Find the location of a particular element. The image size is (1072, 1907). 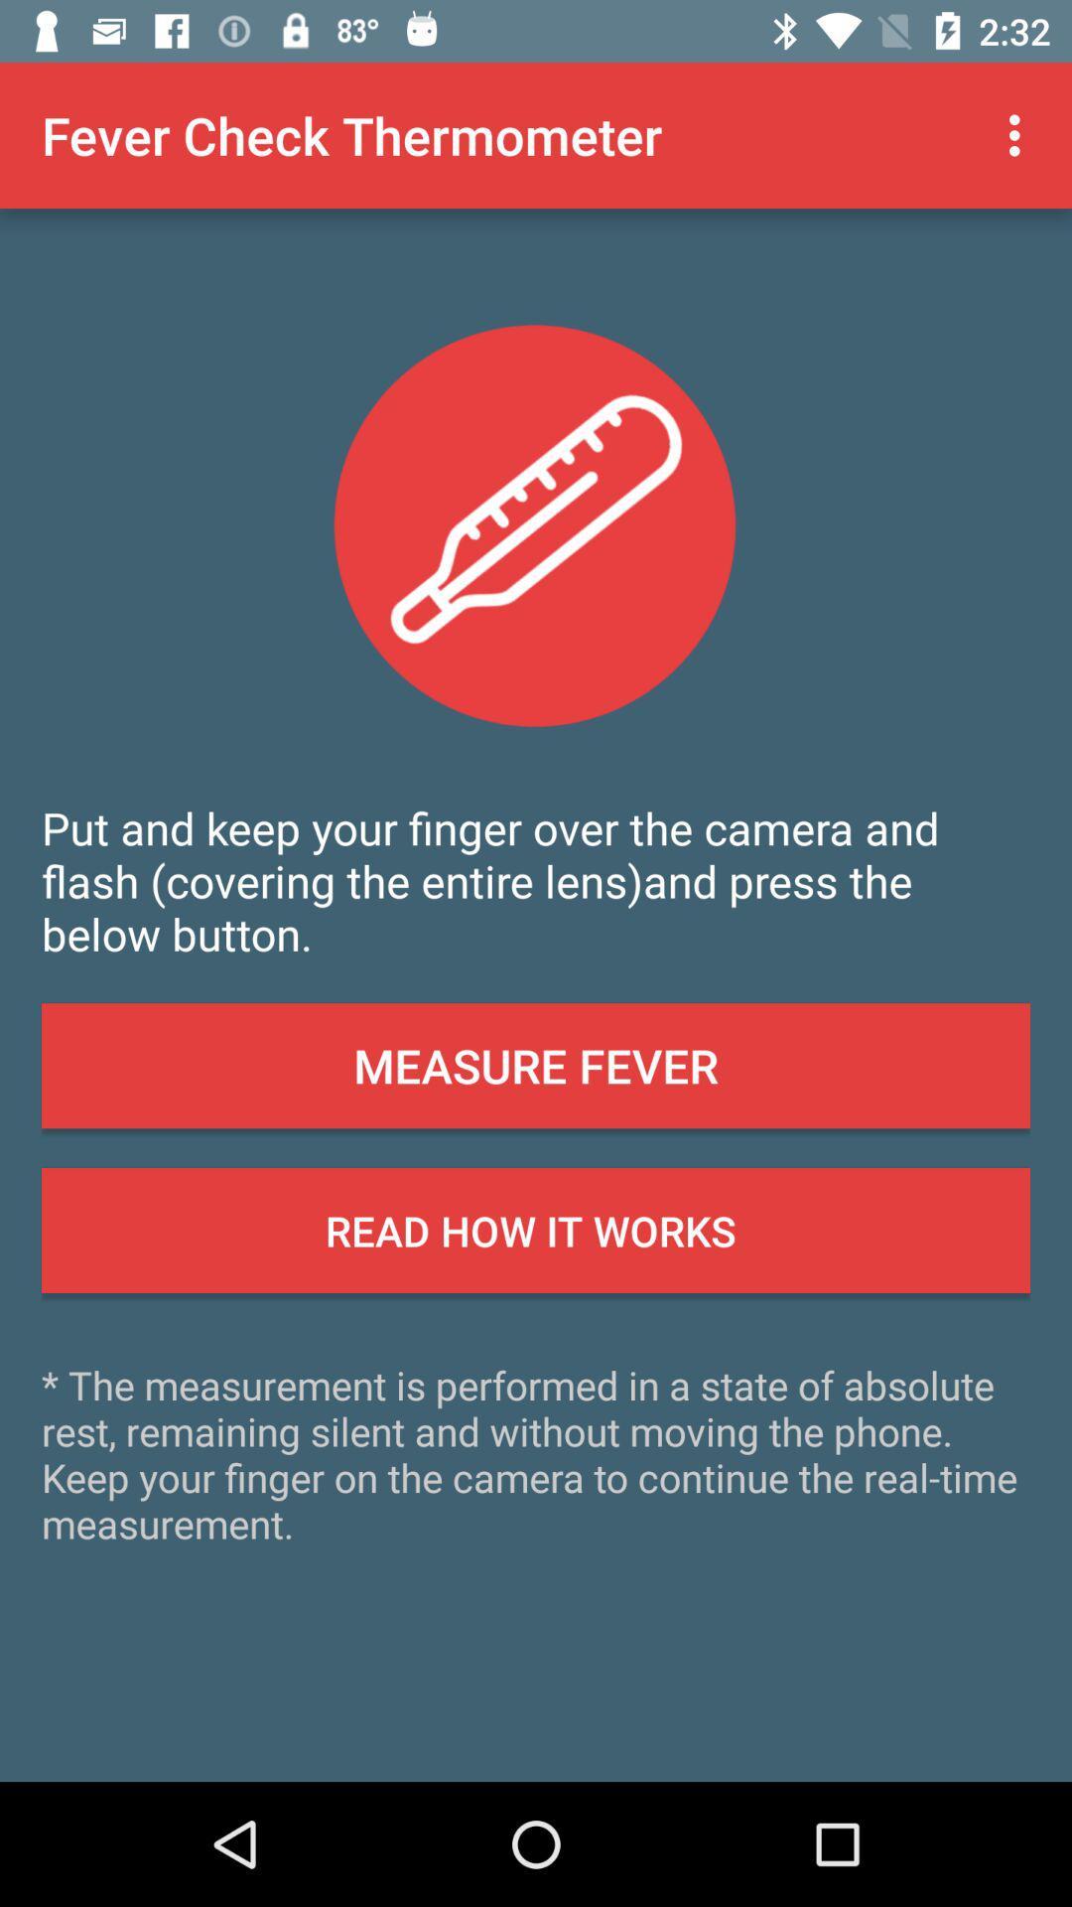

the measure fever is located at coordinates (536, 1065).